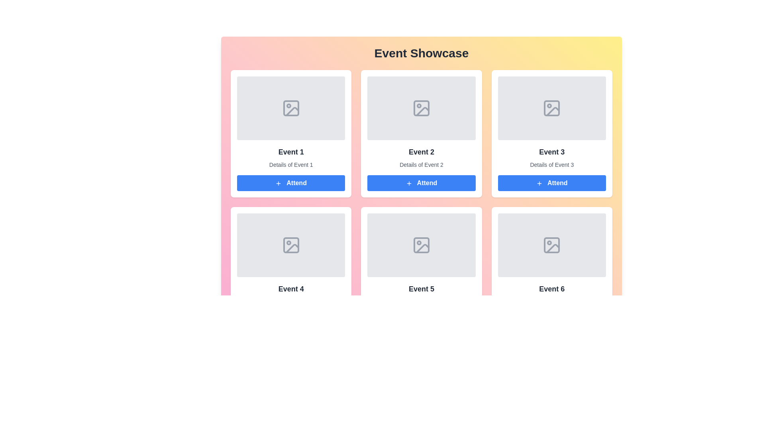 The width and height of the screenshot is (765, 430). What do you see at coordinates (421, 108) in the screenshot?
I see `the SVG graphic element that represents an image placeholder in the second card of the top row in the grid layout` at bounding box center [421, 108].